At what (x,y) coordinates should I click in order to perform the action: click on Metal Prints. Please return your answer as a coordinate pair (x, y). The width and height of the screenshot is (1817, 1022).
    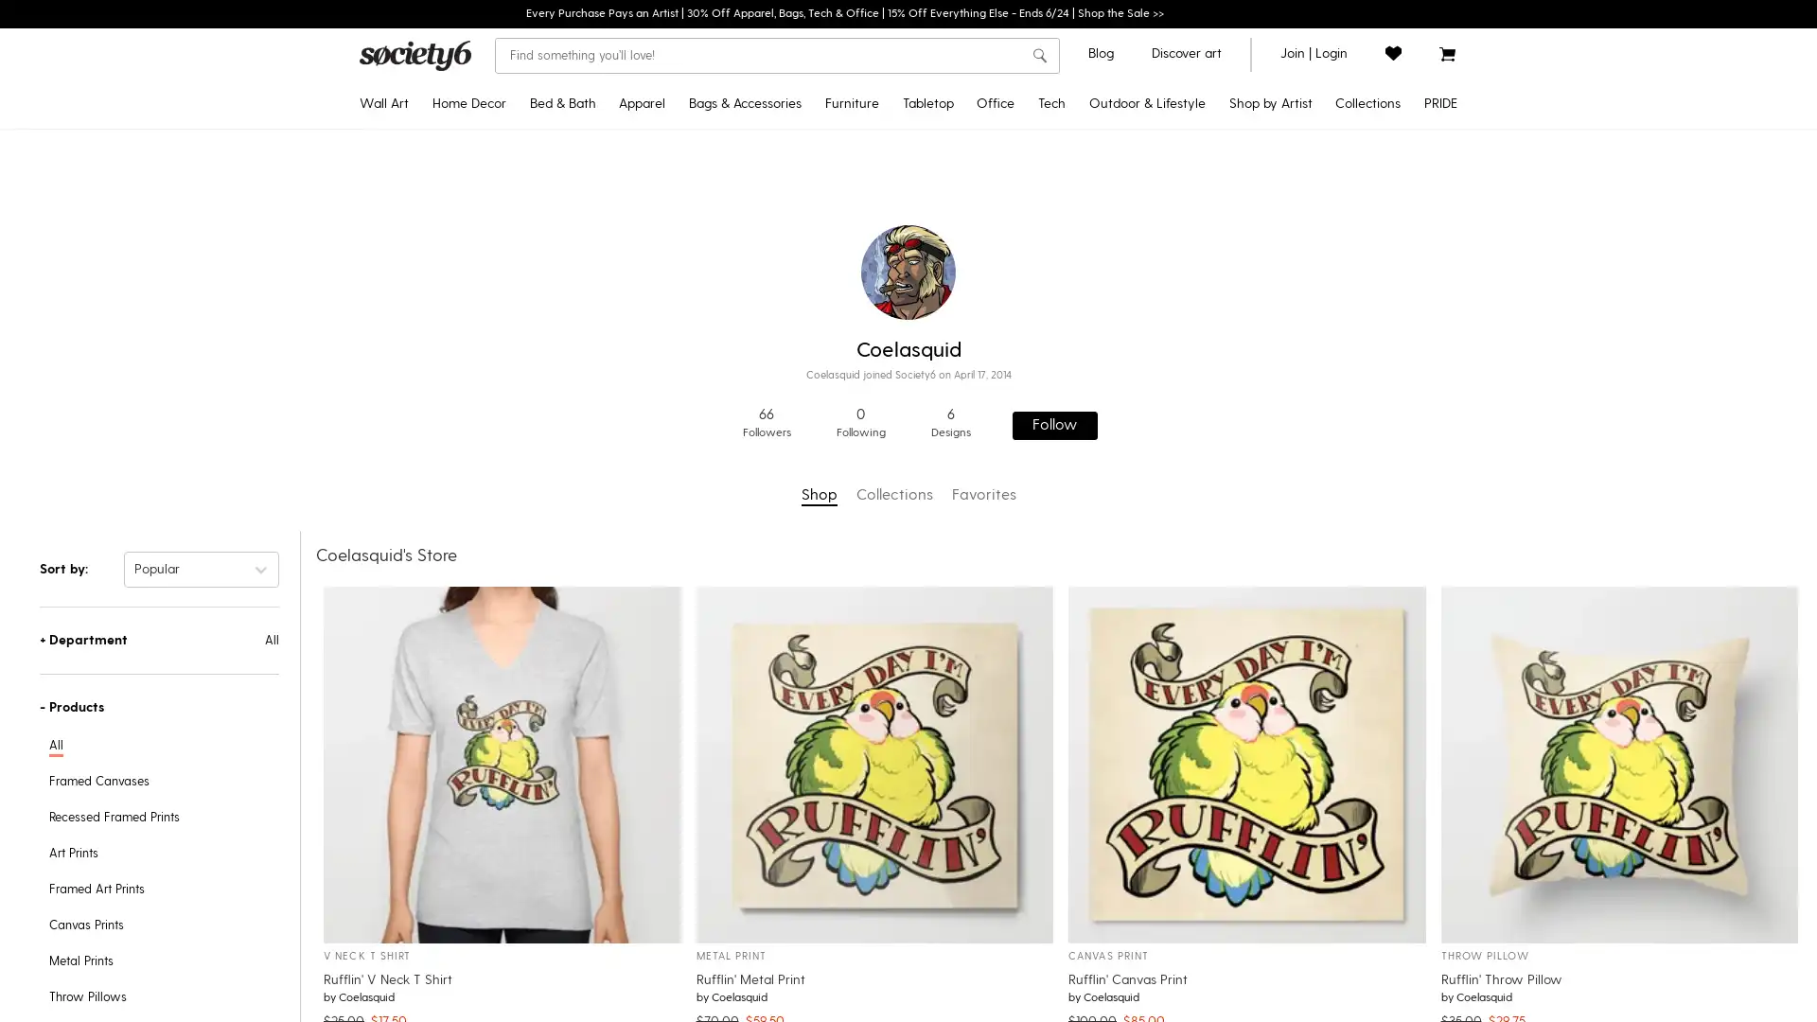
    Looking at the image, I should click on (445, 394).